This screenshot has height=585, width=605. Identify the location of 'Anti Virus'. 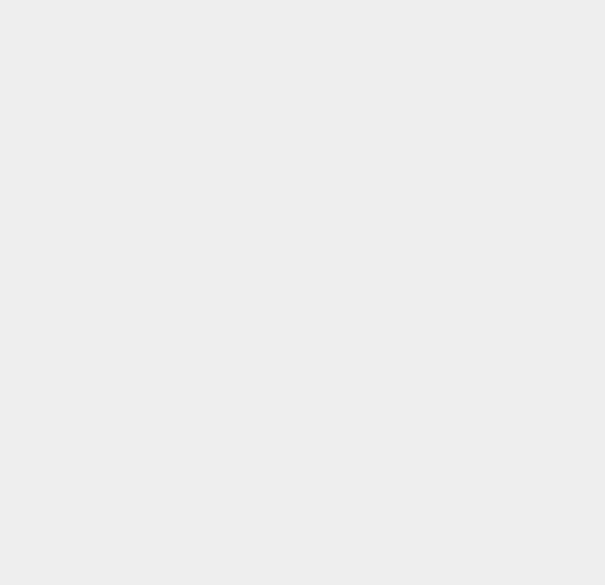
(444, 572).